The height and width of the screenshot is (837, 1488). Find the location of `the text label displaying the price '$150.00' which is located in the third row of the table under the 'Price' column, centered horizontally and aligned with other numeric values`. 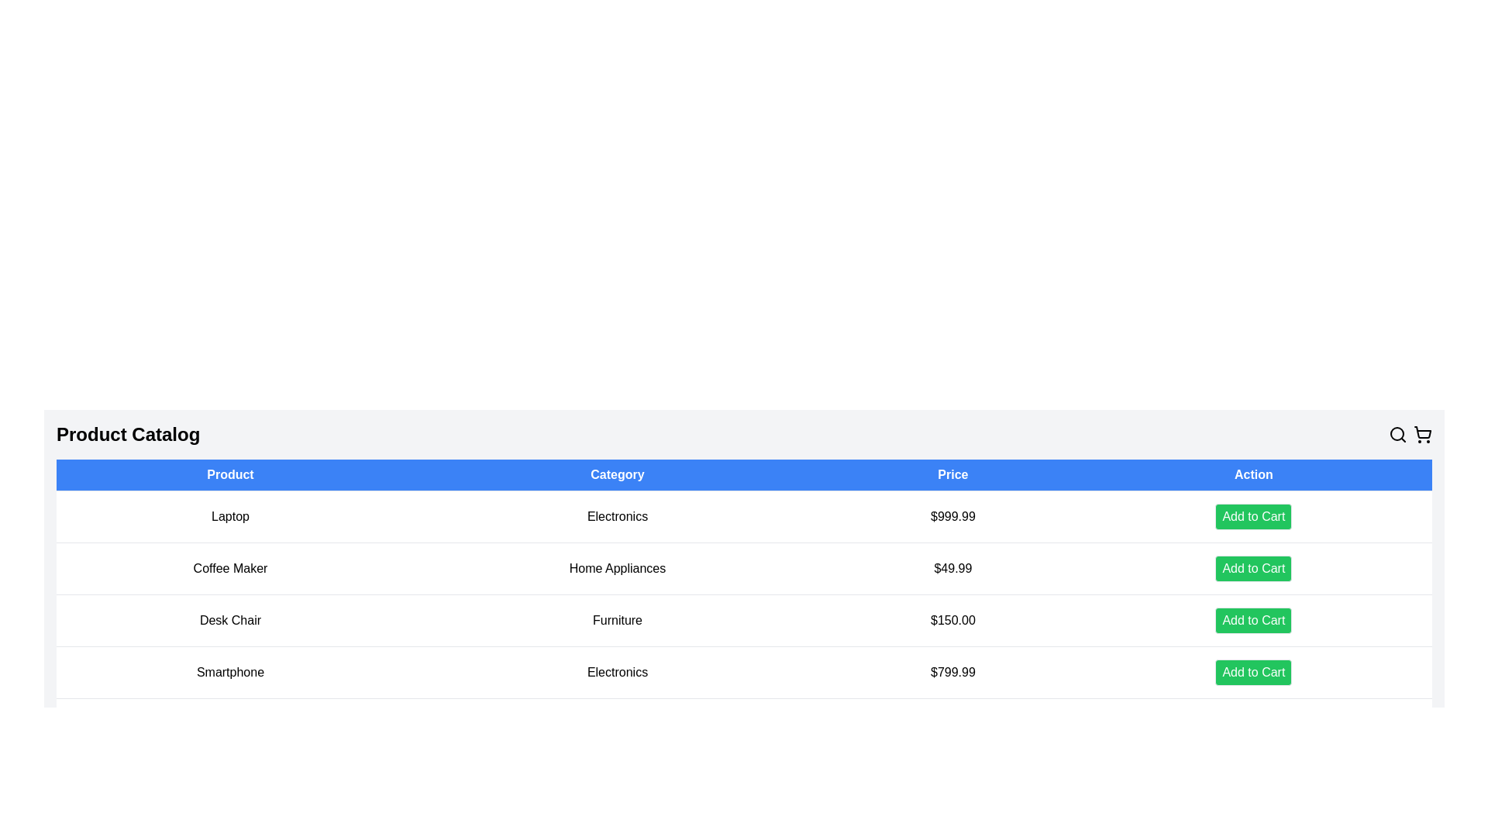

the text label displaying the price '$150.00' which is located in the third row of the table under the 'Price' column, centered horizontally and aligned with other numeric values is located at coordinates (952, 620).